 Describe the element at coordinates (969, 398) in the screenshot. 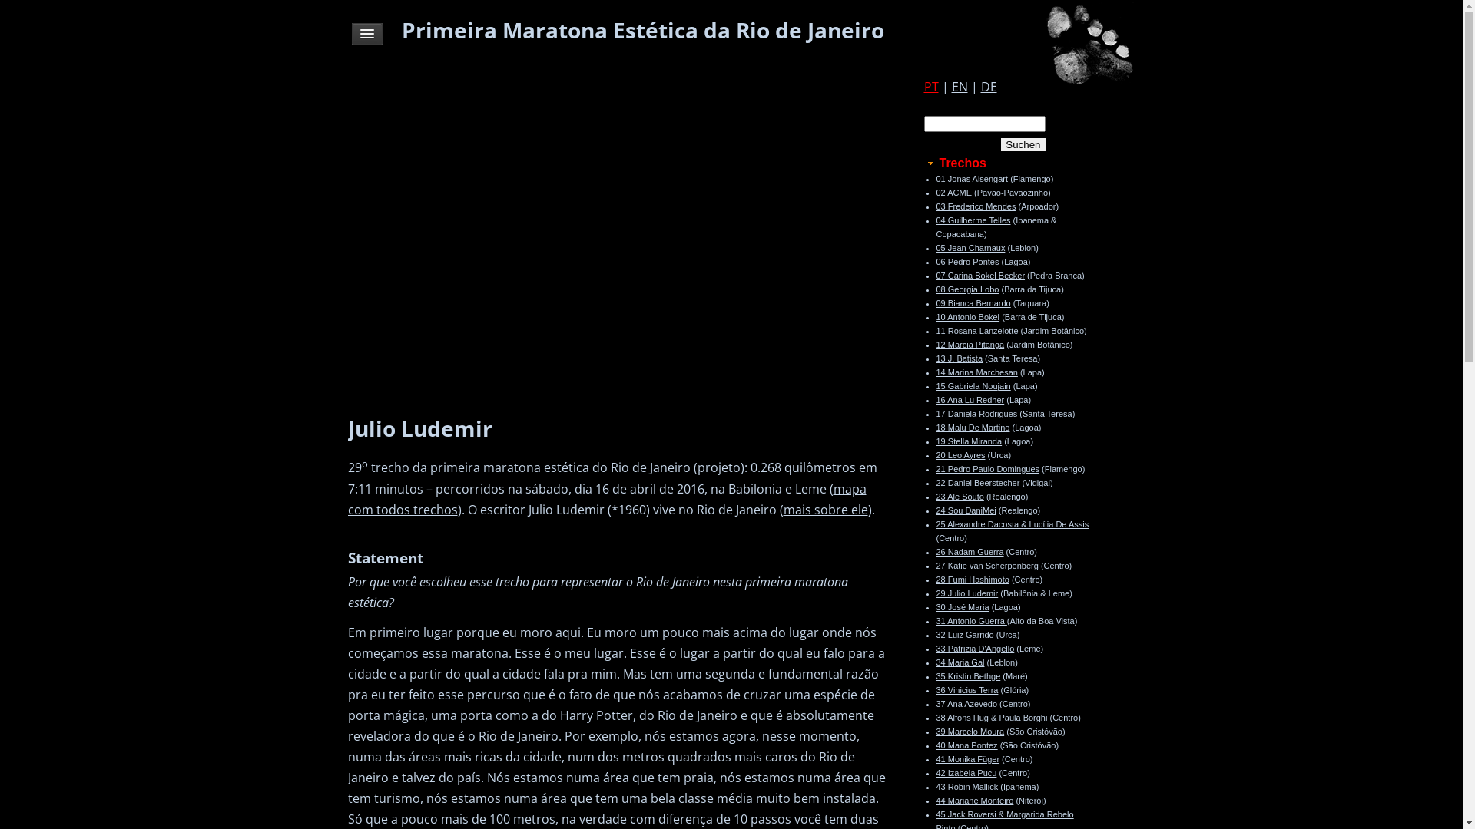

I see `'16 Ana Lu Redher'` at that location.